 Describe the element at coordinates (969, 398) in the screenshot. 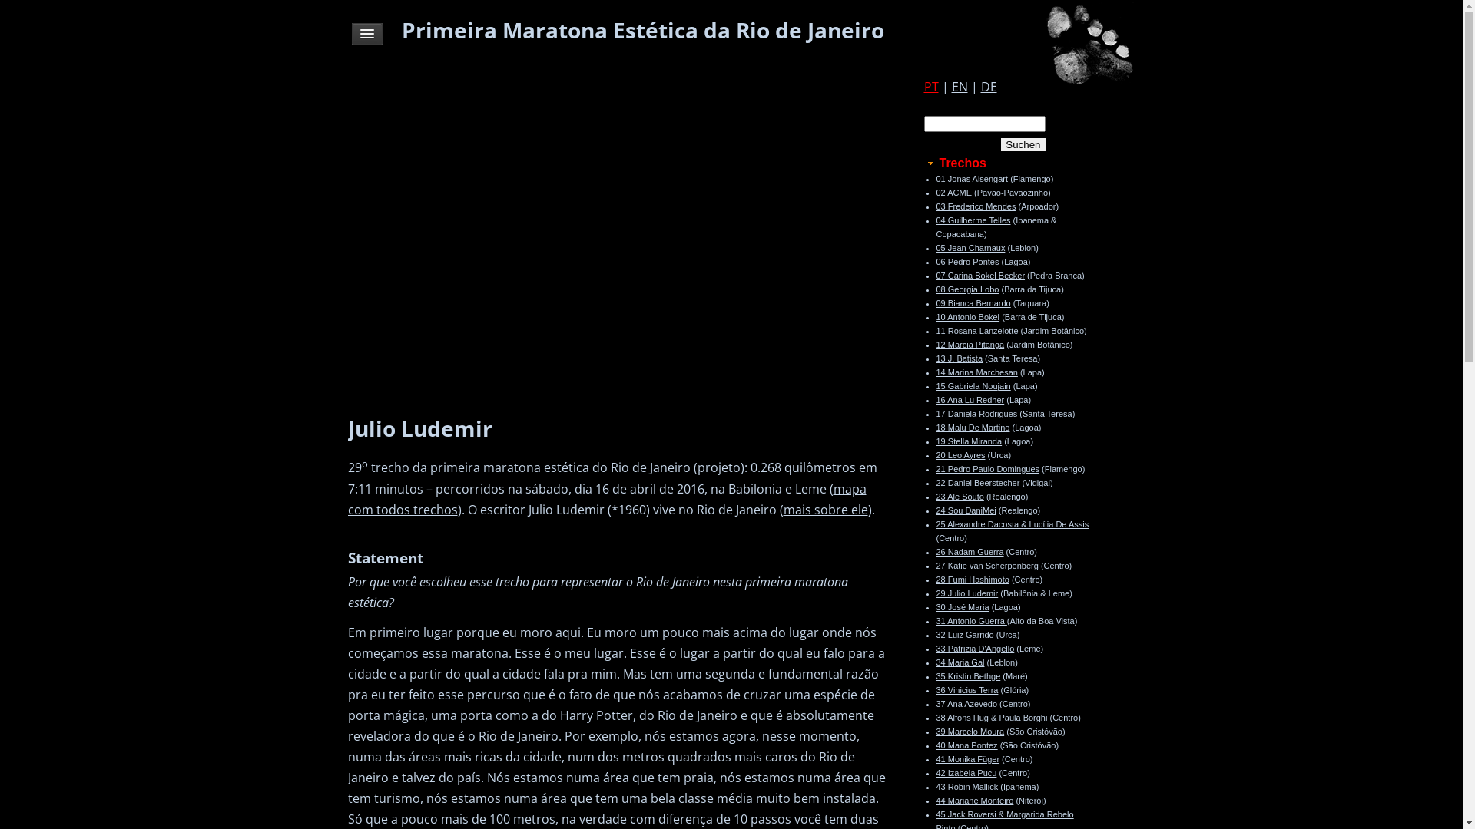

I see `'16 Ana Lu Redher'` at that location.